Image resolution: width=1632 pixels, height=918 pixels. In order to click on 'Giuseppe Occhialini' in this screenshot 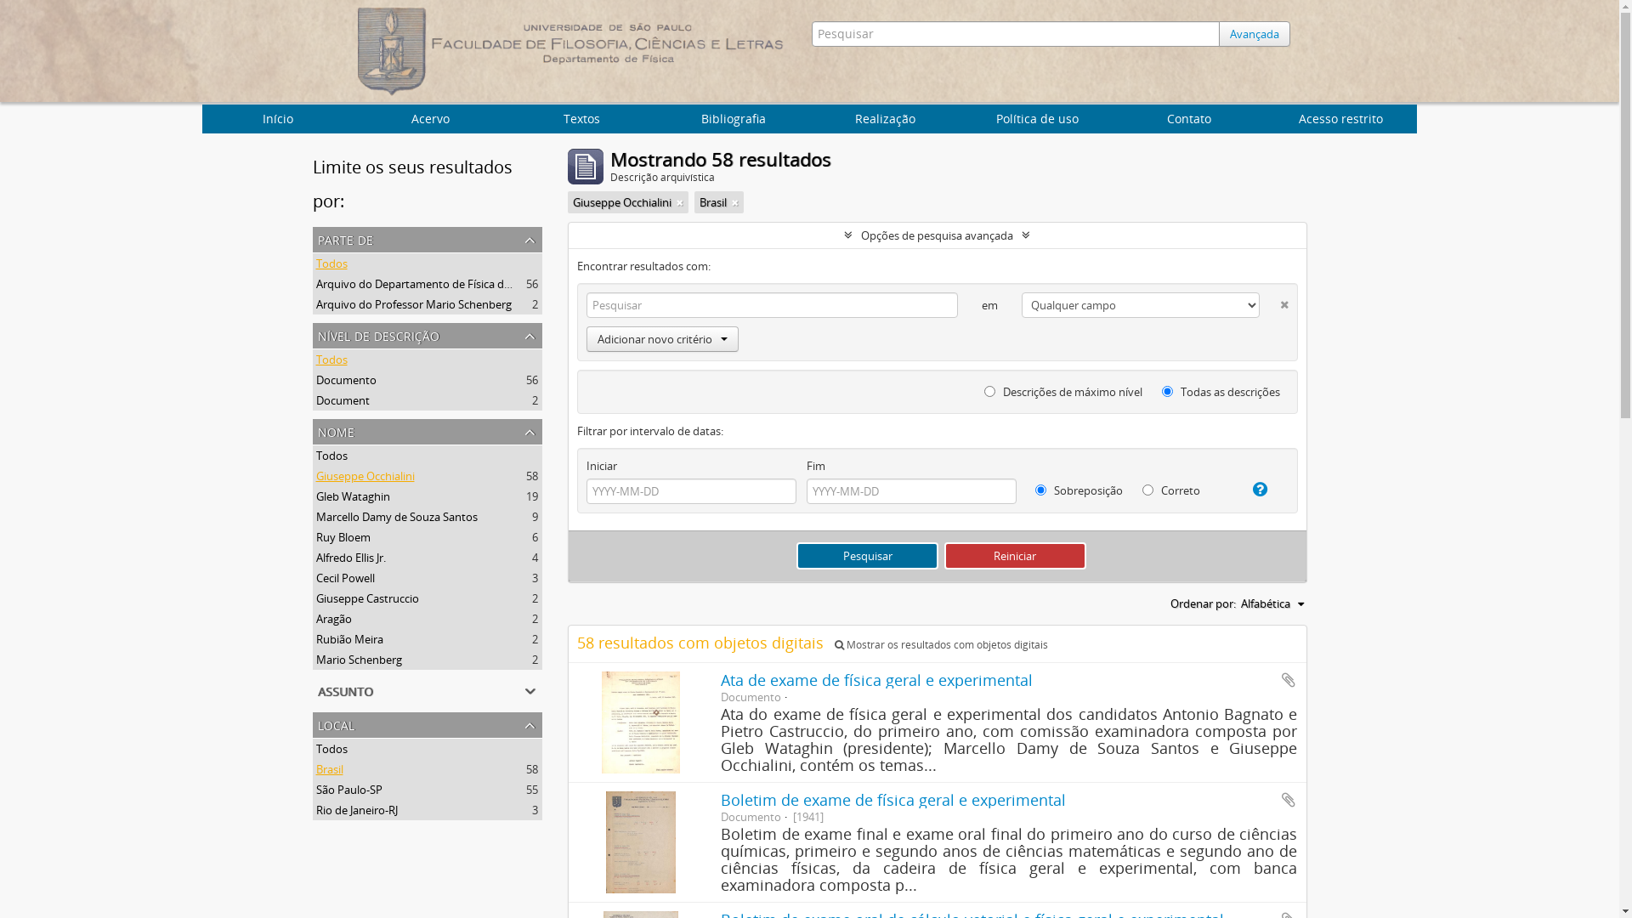, I will do `click(365, 475)`.